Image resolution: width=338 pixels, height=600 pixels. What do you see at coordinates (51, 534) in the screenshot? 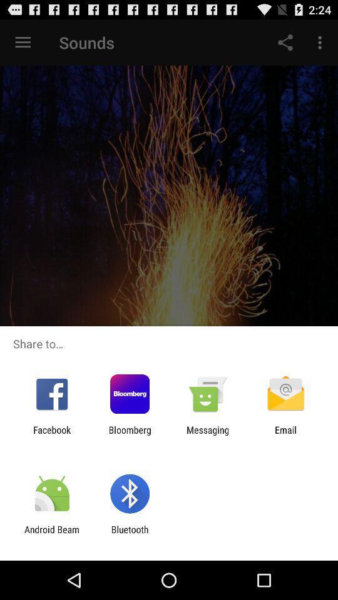
I see `the android beam` at bounding box center [51, 534].